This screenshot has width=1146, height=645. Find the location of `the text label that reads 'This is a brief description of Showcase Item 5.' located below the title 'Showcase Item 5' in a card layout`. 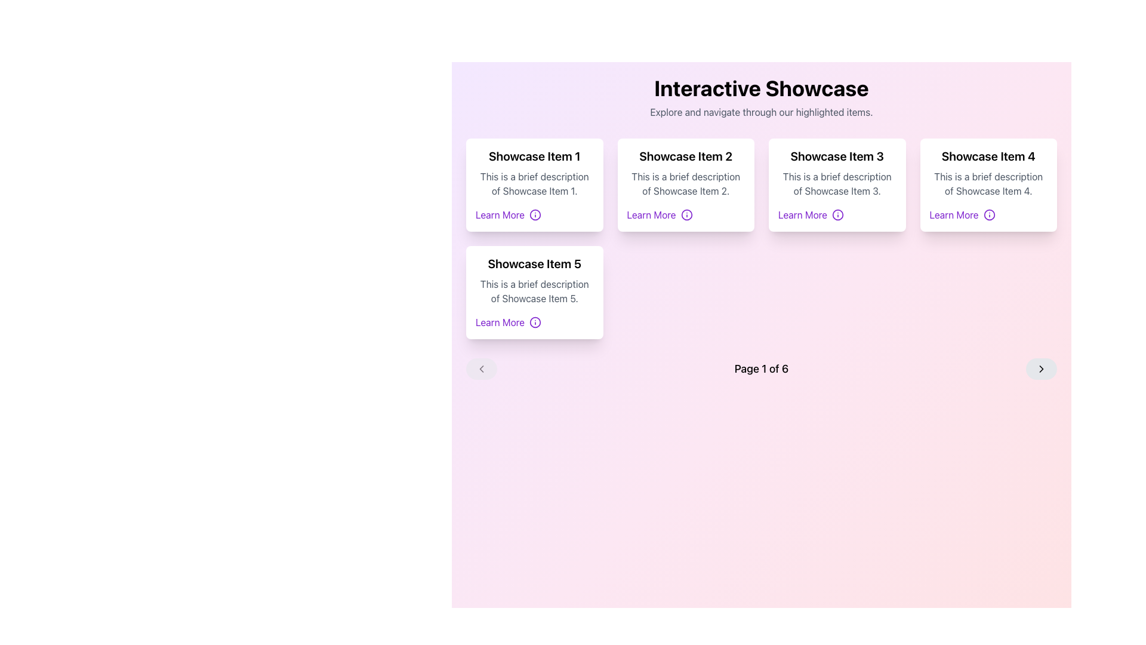

the text label that reads 'This is a brief description of Showcase Item 5.' located below the title 'Showcase Item 5' in a card layout is located at coordinates (534, 291).